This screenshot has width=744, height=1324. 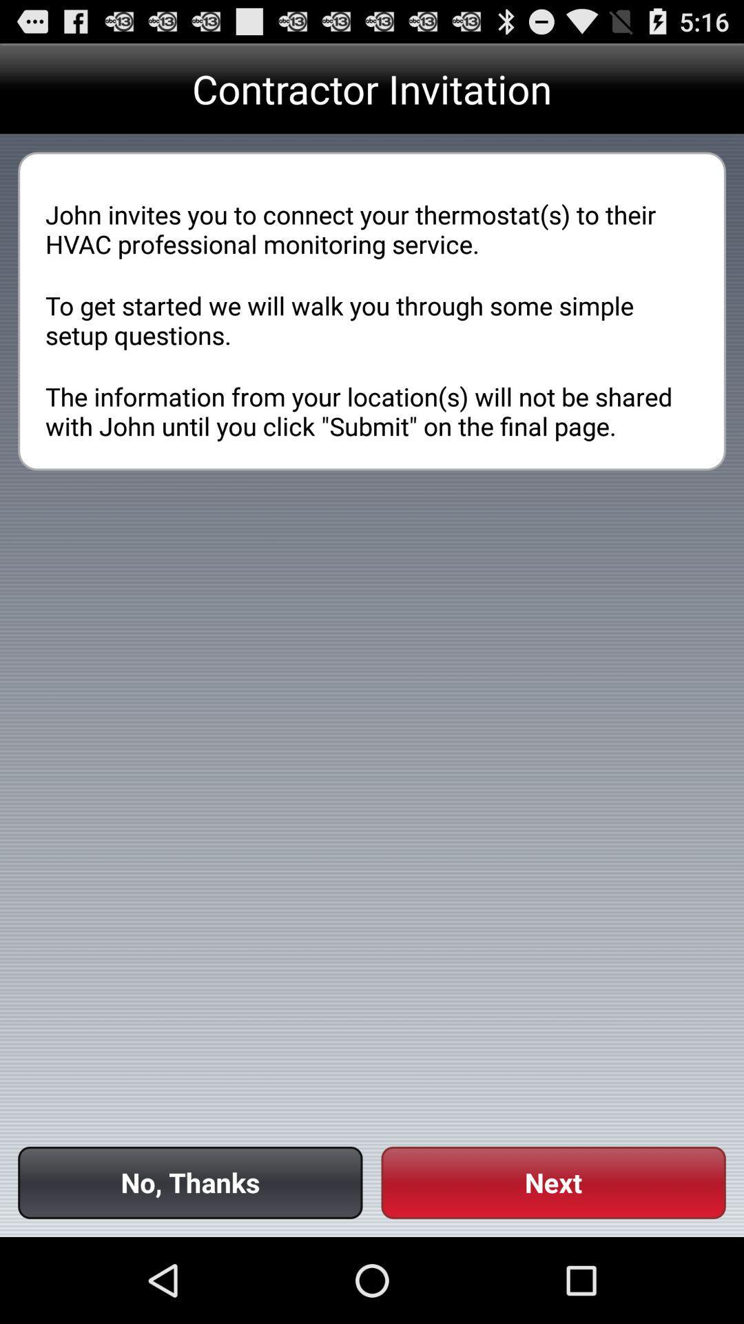 What do you see at coordinates (190, 1182) in the screenshot?
I see `no, thanks at the bottom left corner` at bounding box center [190, 1182].